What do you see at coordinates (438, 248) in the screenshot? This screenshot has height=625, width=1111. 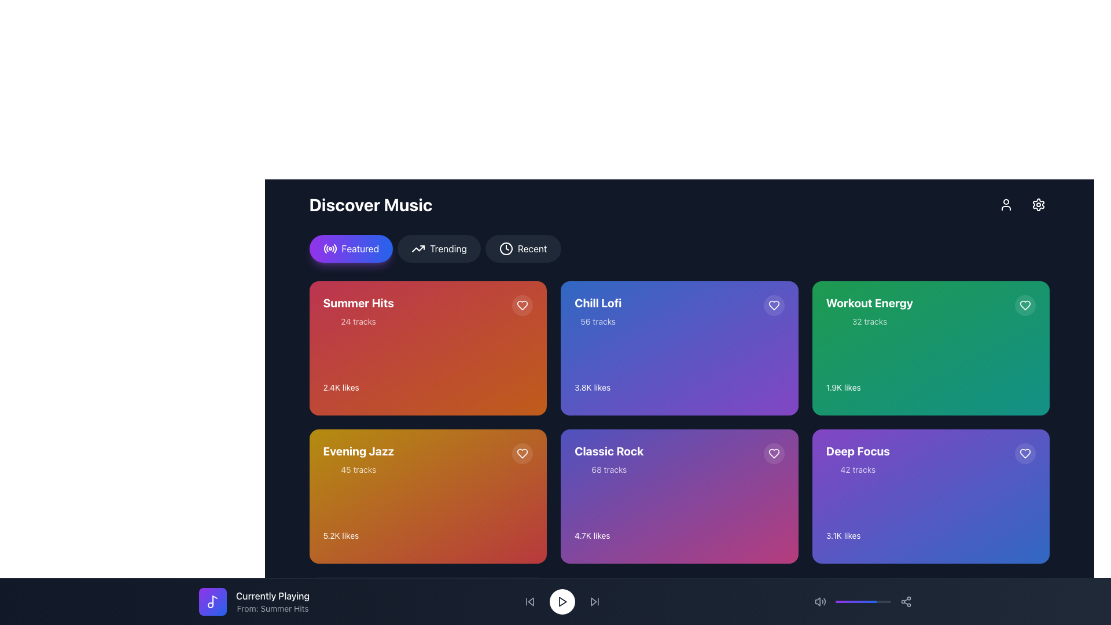 I see `the 'Trending' button located between the 'Featured' button and the 'Recent' button, beneath the 'Discover Music' heading` at bounding box center [438, 248].